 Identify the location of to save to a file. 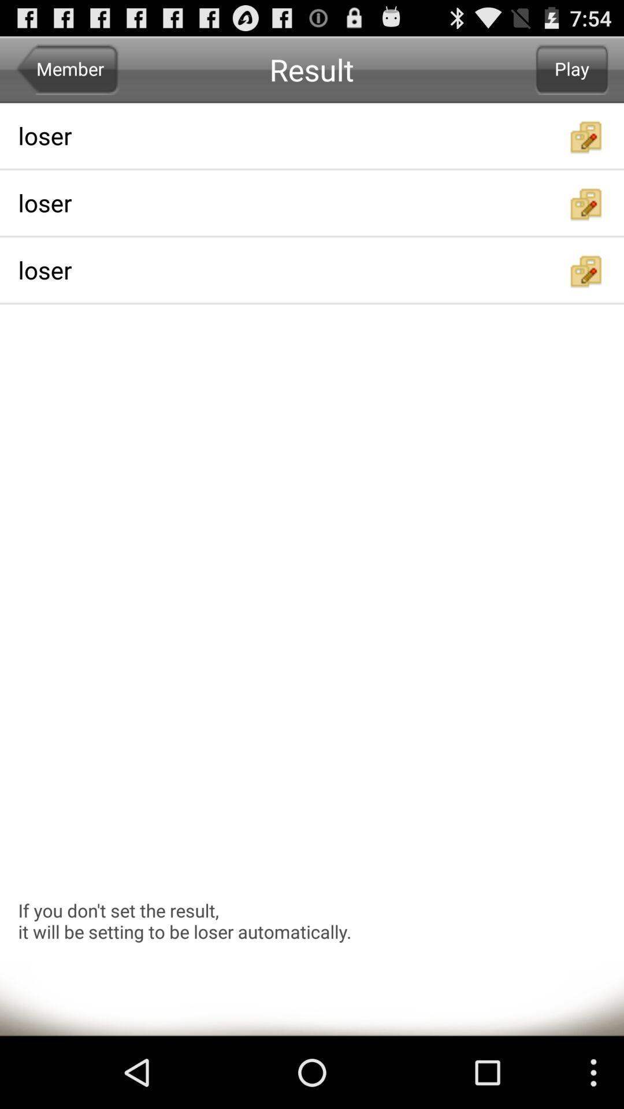
(586, 204).